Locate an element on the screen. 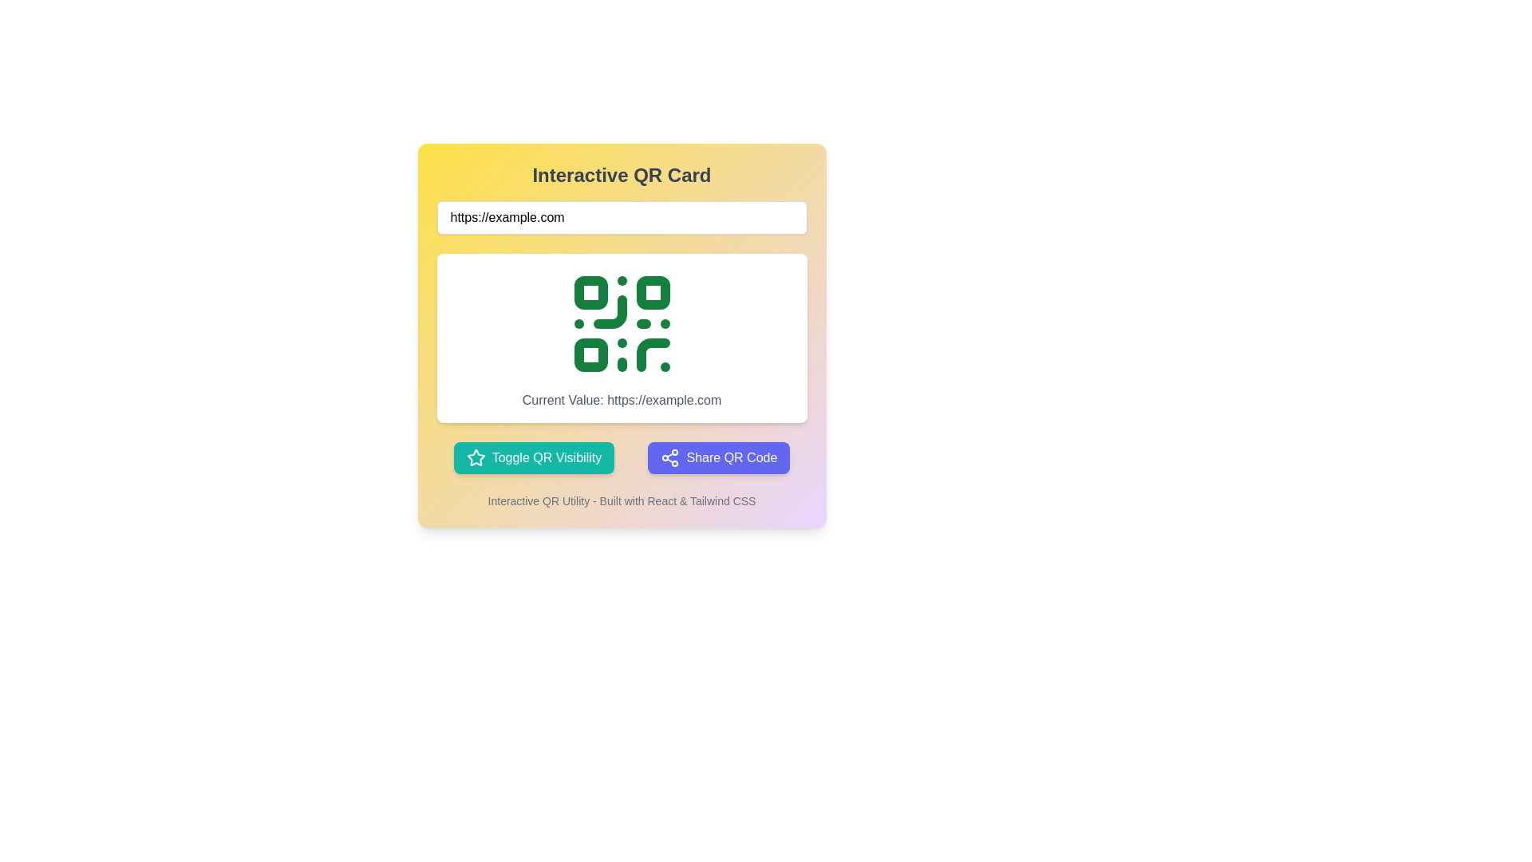  the teal star icon with an outlined design located to the left of the 'Toggle QR Visibility' text as a visual cue is located at coordinates (475, 458).